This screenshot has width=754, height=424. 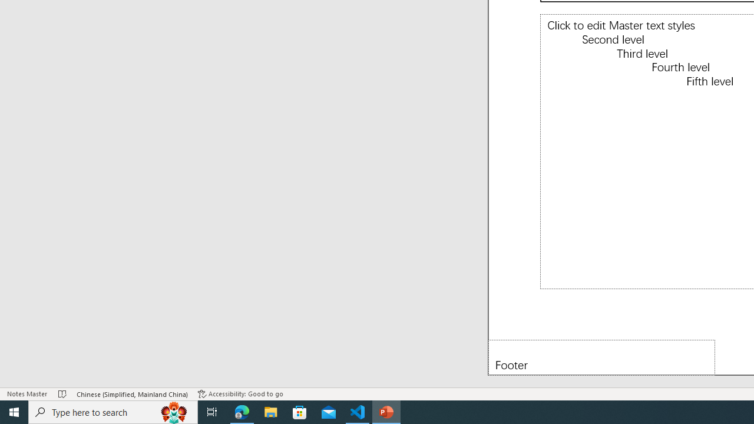 I want to click on 'Accessibility Checker Accessibility: Good to go', so click(x=240, y=394).